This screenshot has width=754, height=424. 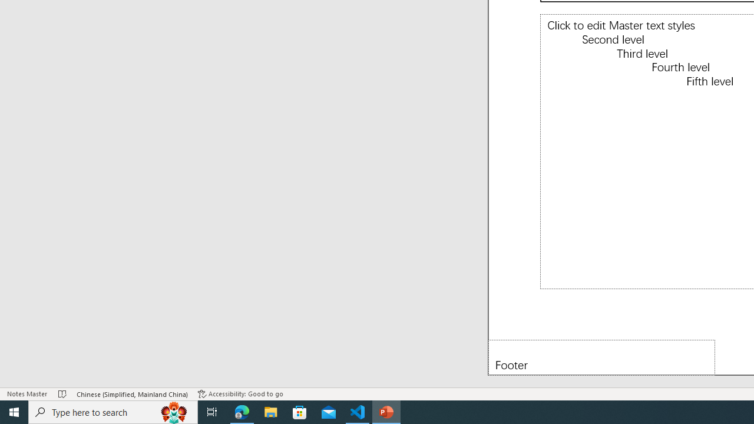 I want to click on 'Accessibility Checker Accessibility: Good to go', so click(x=240, y=394).